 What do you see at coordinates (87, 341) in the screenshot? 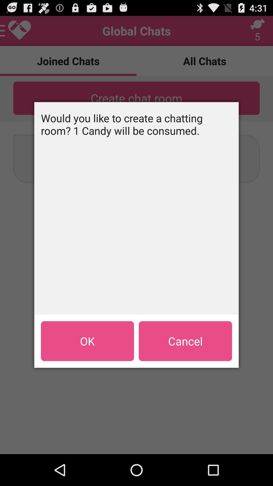
I see `the ok app` at bounding box center [87, 341].